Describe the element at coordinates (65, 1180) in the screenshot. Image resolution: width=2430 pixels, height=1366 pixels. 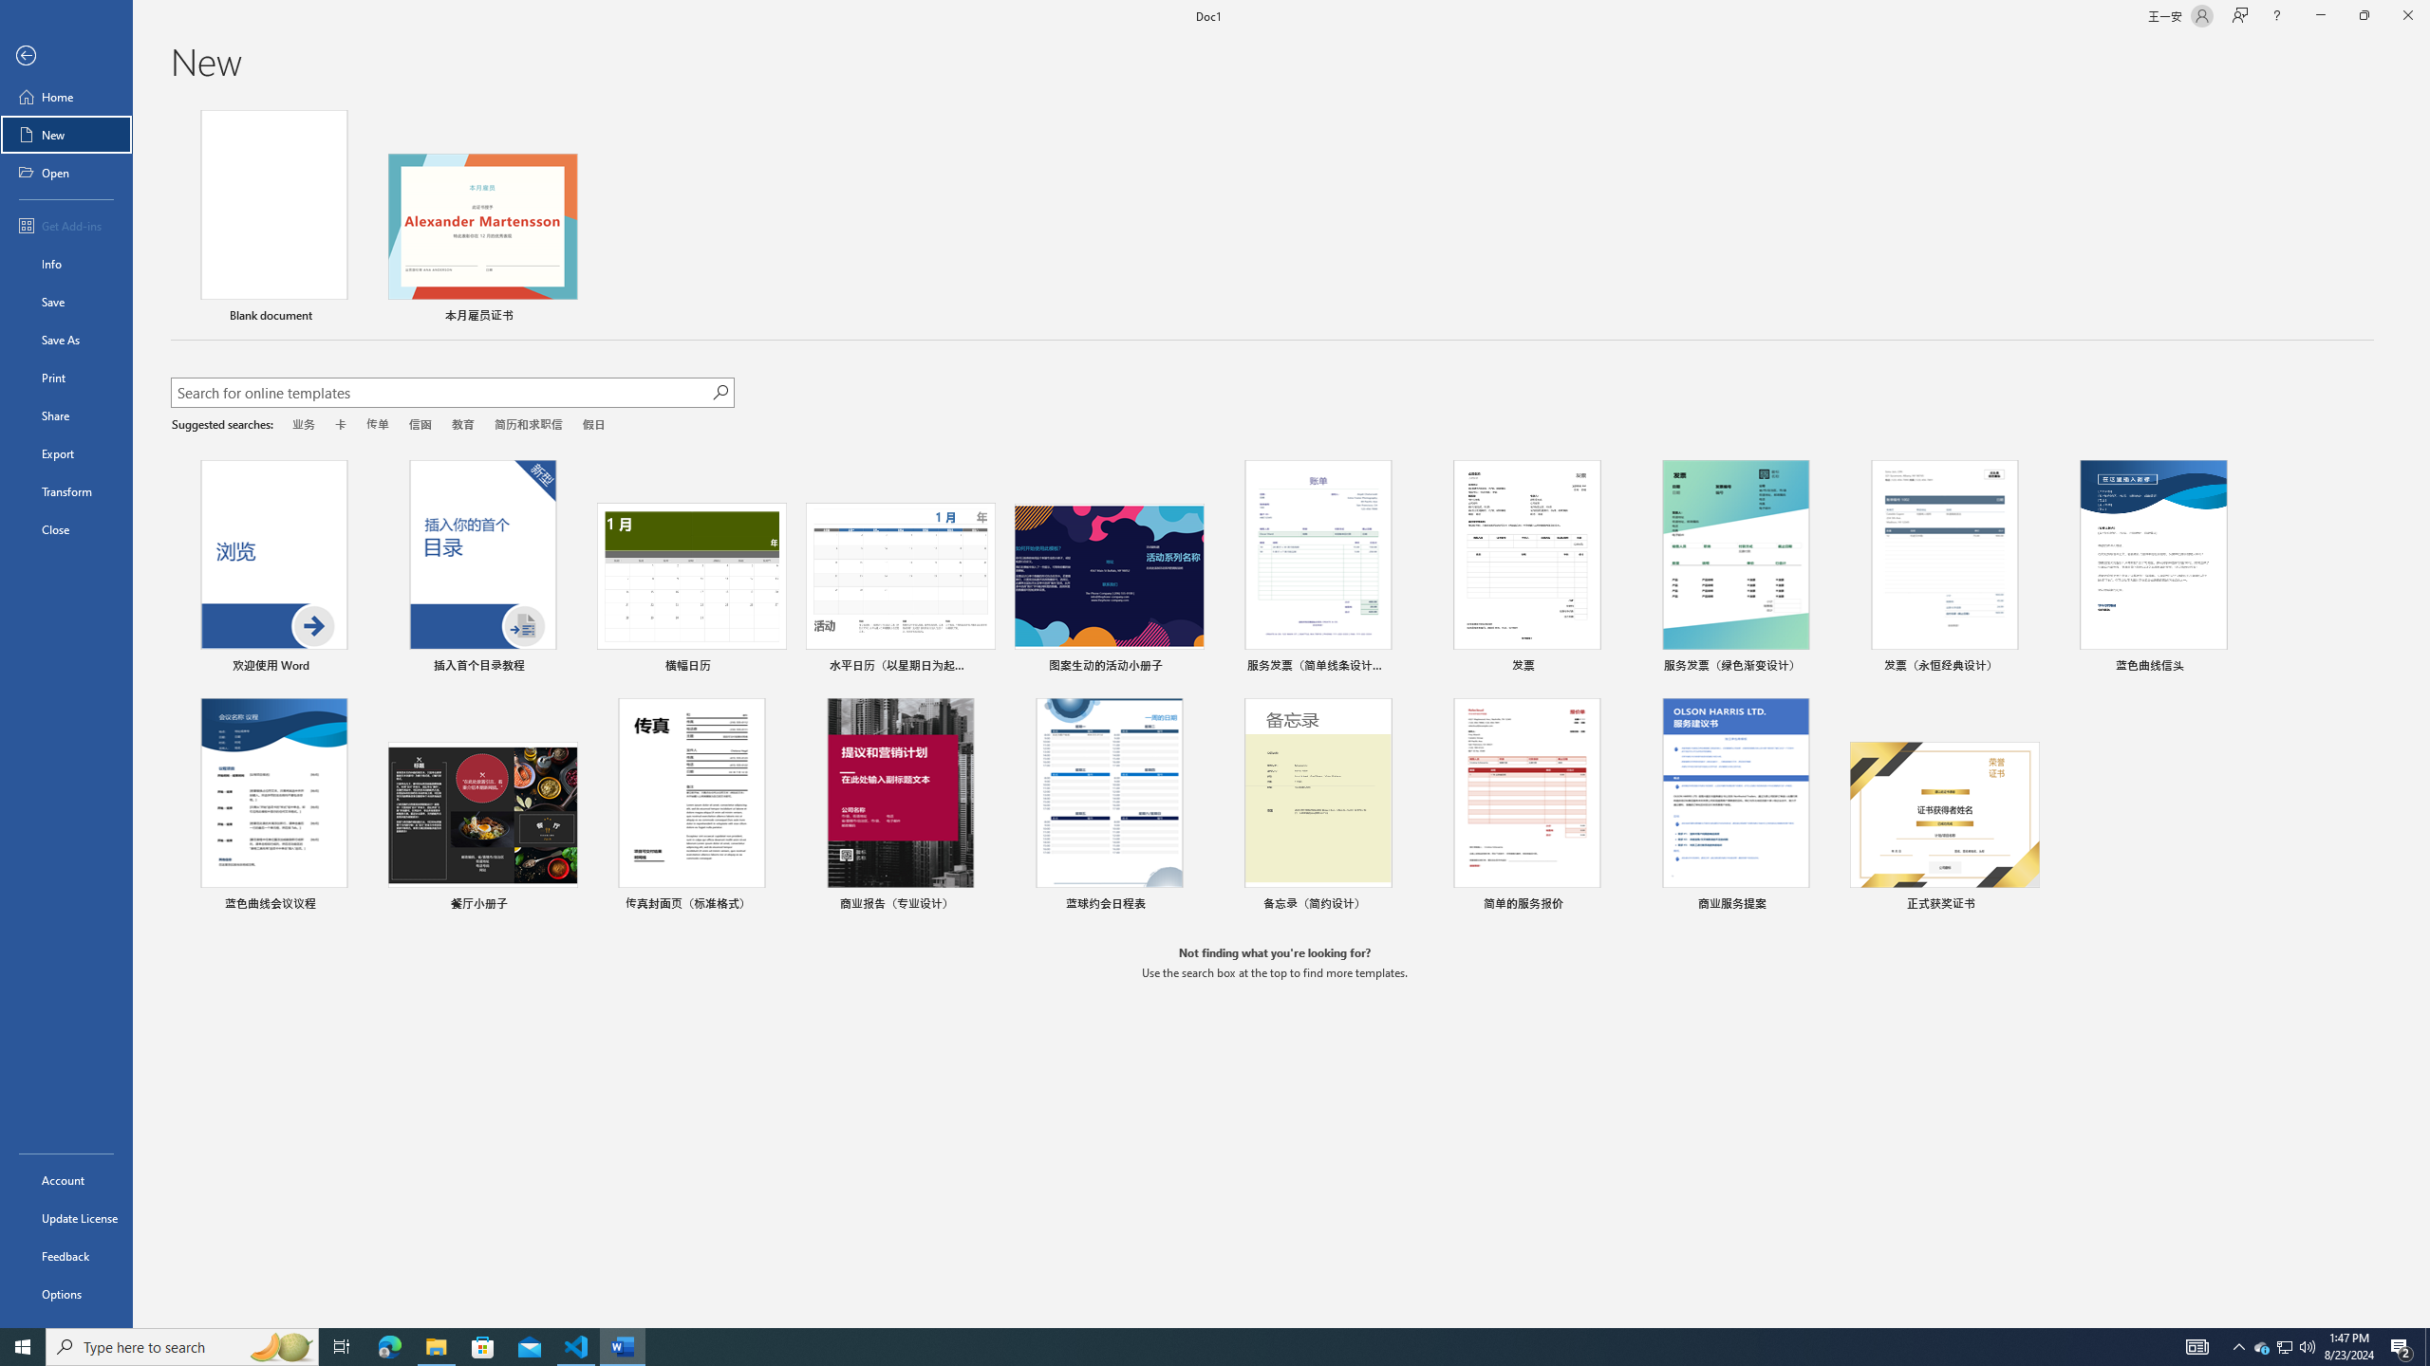
I see `'Account'` at that location.